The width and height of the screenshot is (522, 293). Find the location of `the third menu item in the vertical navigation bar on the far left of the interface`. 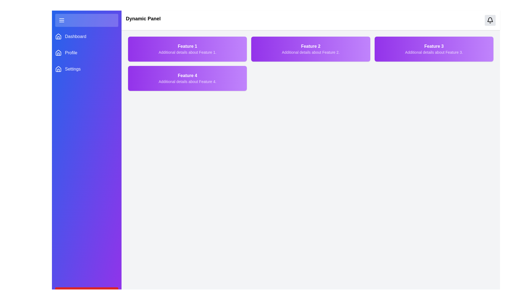

the third menu item in the vertical navigation bar on the far left of the interface is located at coordinates (86, 69).